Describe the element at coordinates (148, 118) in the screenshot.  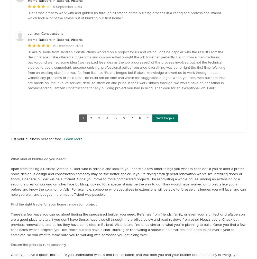
I see `'9'` at that location.